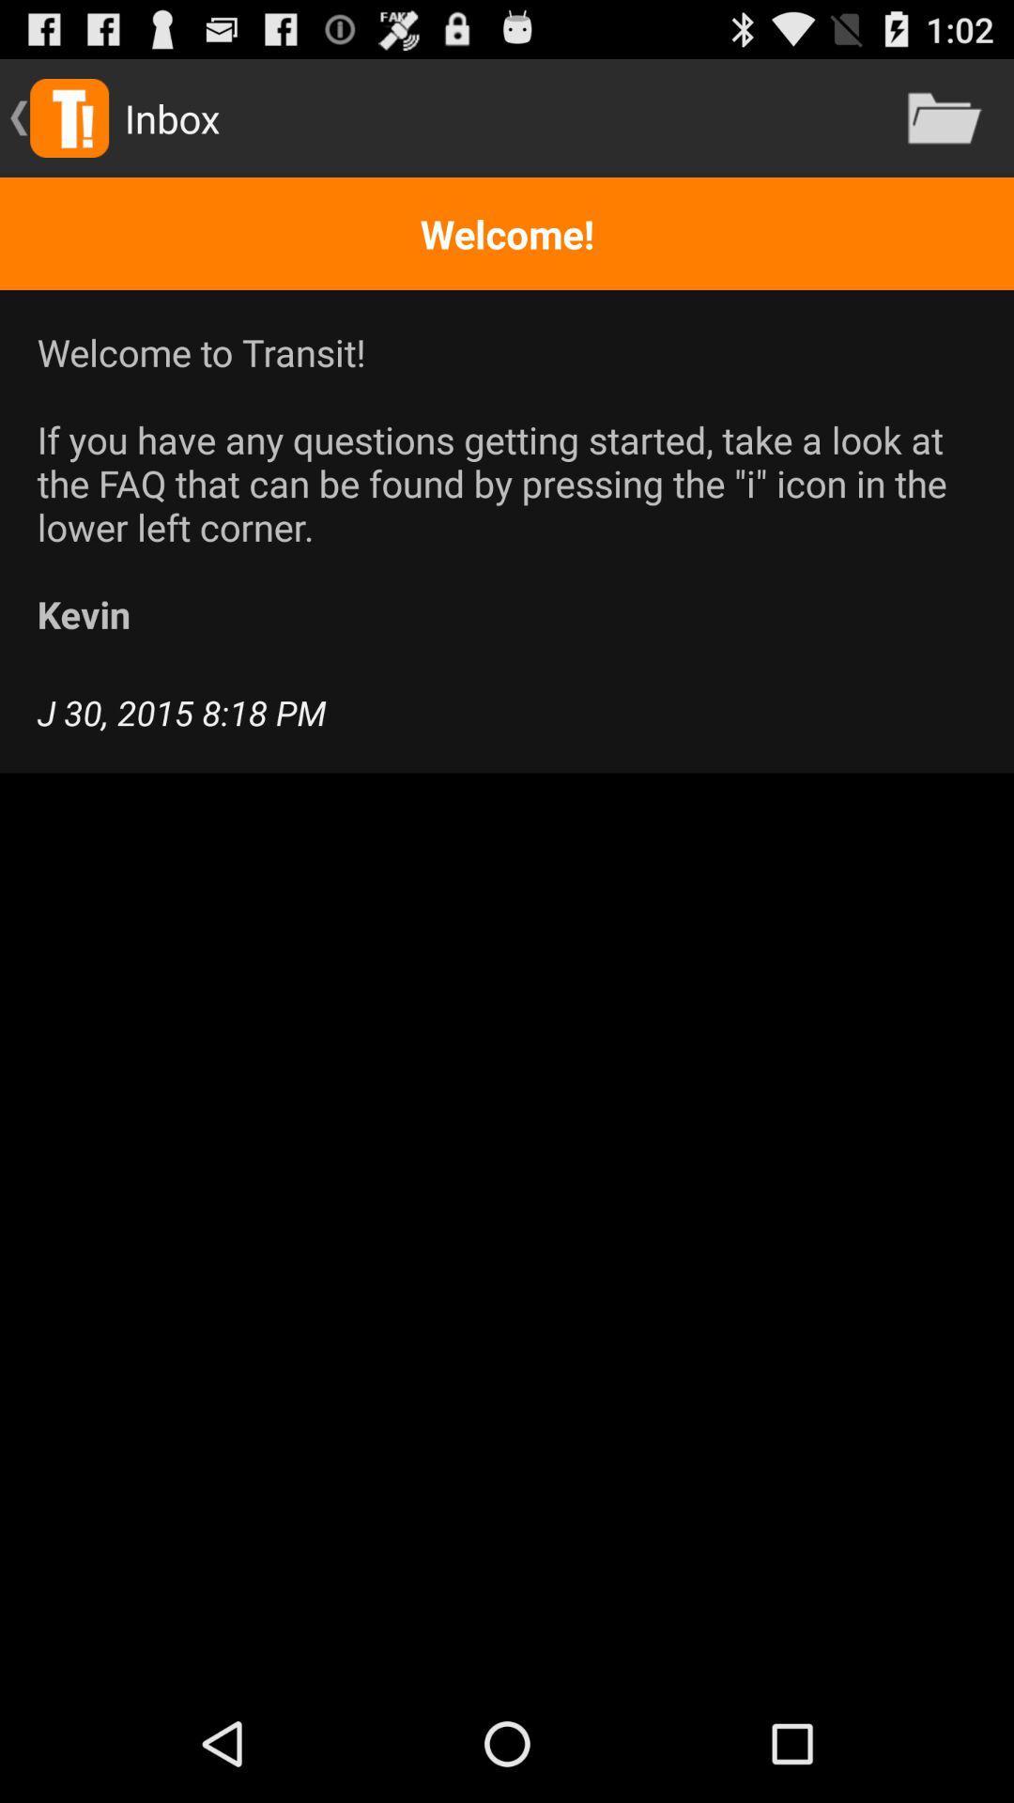 The image size is (1014, 1803). What do you see at coordinates (945, 116) in the screenshot?
I see `the icon next to inbox item` at bounding box center [945, 116].